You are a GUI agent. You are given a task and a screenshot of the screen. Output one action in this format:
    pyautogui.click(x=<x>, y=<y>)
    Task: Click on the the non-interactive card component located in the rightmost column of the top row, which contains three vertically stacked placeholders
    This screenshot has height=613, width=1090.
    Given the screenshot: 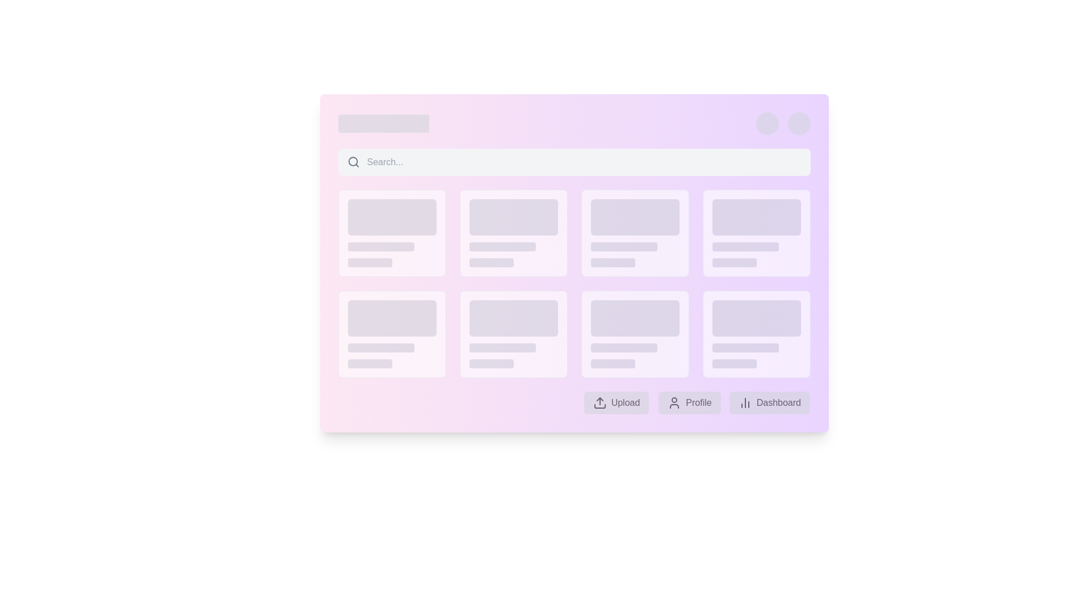 What is the action you would take?
    pyautogui.click(x=756, y=233)
    